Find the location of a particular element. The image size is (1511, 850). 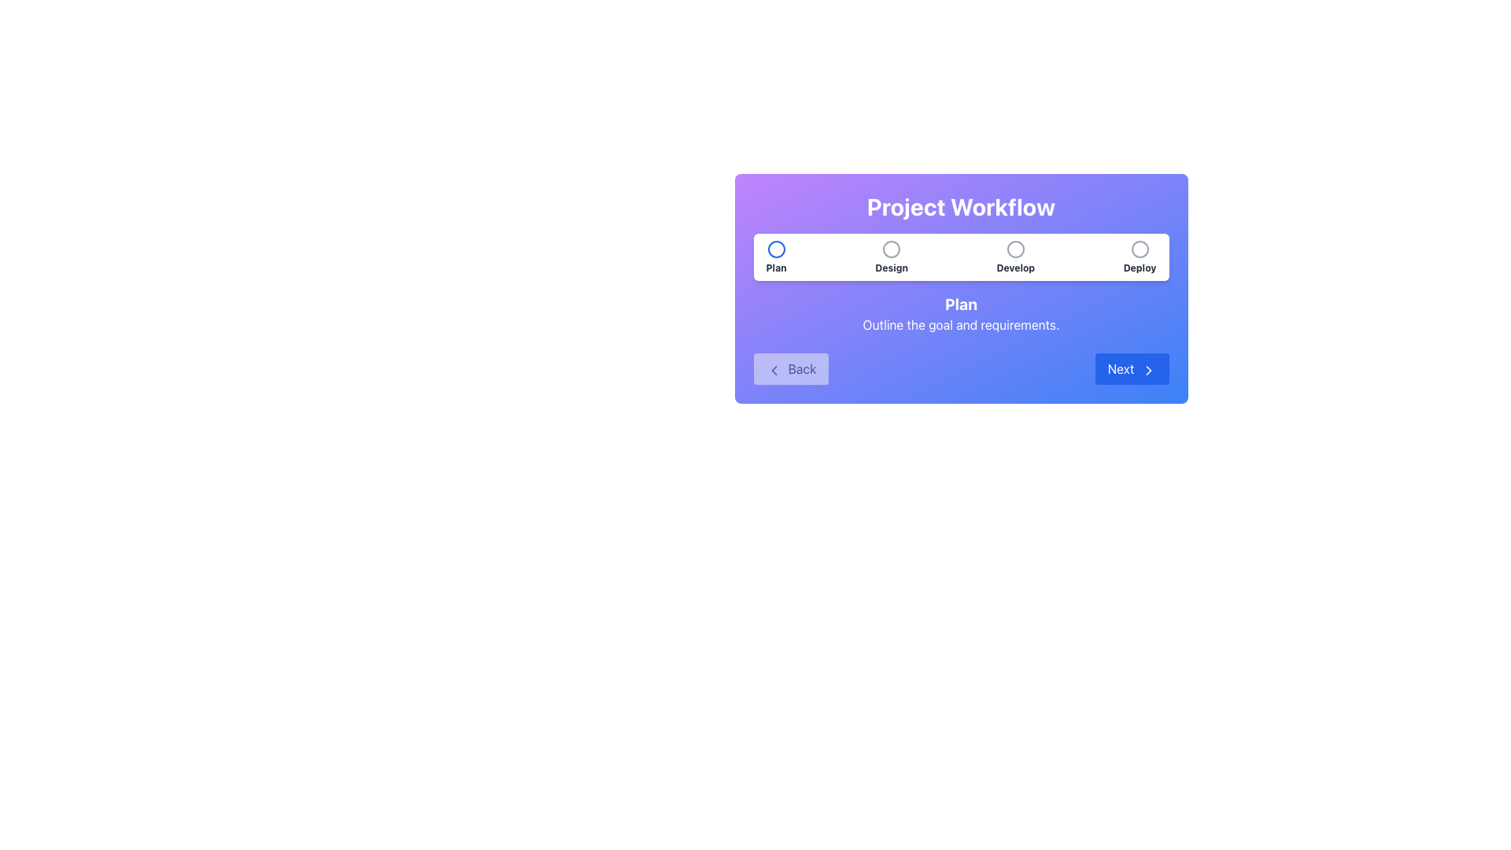

the circular icon labeled 'Design', which is the second element in a horizontally arranged group of icons, located between the 'Plan' and 'Develop' elements is located at coordinates (892, 257).